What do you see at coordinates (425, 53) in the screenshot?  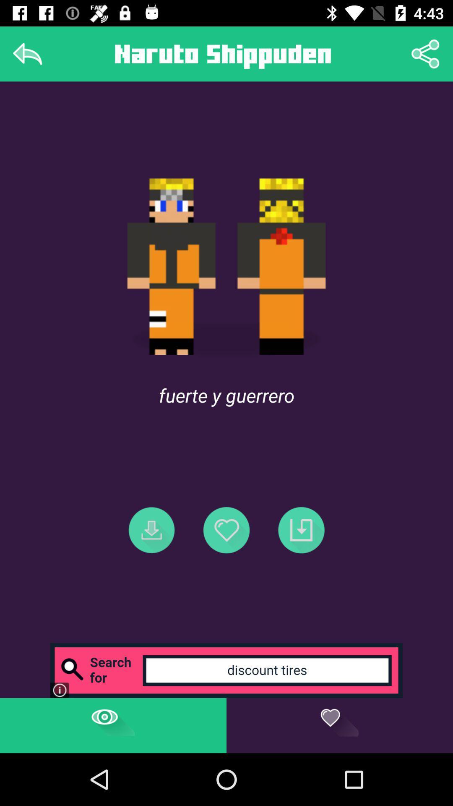 I see `the share icon` at bounding box center [425, 53].